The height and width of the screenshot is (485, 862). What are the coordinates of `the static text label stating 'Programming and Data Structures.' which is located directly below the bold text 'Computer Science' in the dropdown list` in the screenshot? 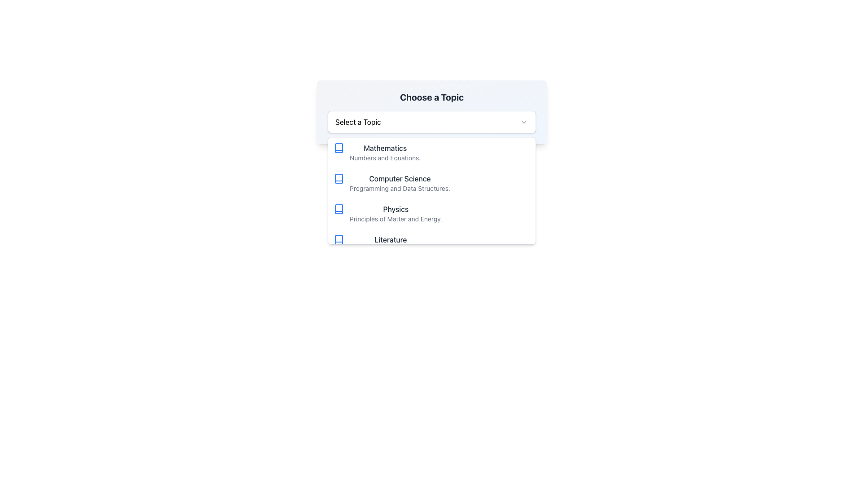 It's located at (400, 188).